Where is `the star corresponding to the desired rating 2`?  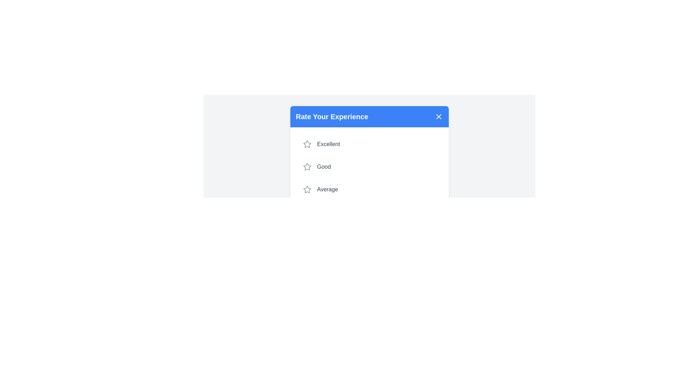
the star corresponding to the desired rating 2 is located at coordinates (307, 167).